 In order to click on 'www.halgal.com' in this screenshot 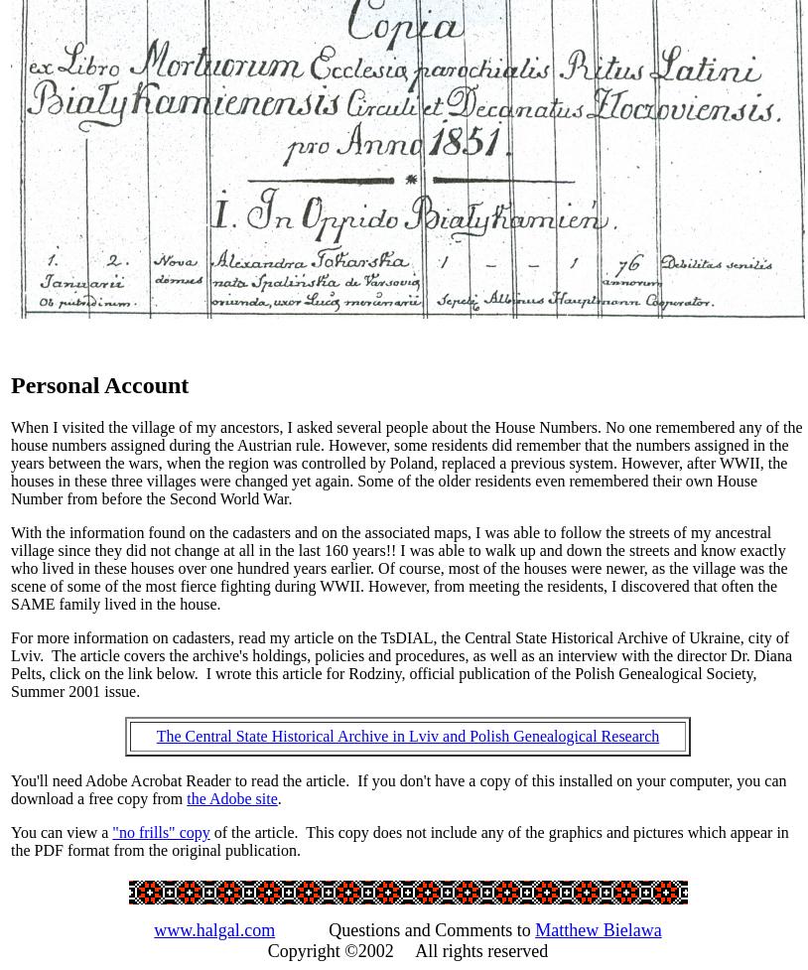, I will do `click(214, 927)`.